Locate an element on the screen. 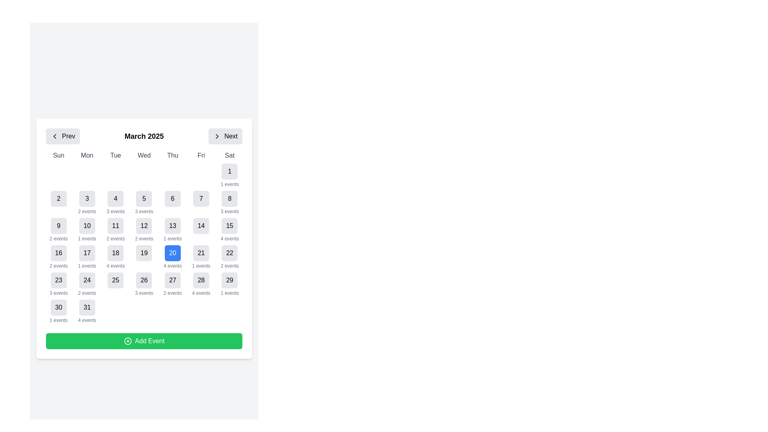 This screenshot has height=432, width=768. the Day cell representing the 30th day of the calendar month in the calendar grid is located at coordinates (58, 311).